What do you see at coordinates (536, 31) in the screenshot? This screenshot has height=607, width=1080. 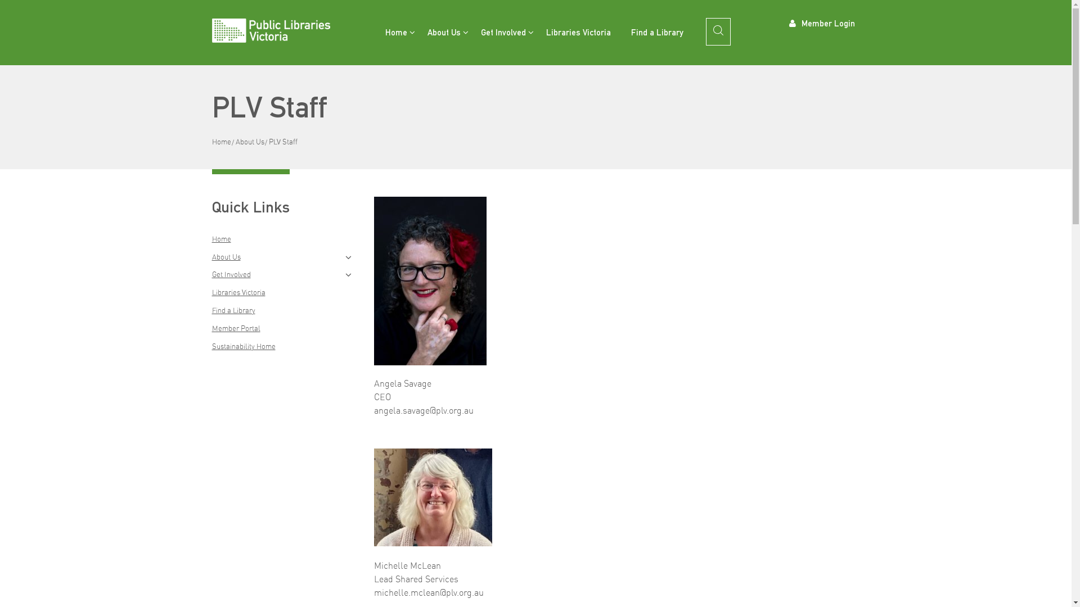 I see `'Libraries Victoria'` at bounding box center [536, 31].